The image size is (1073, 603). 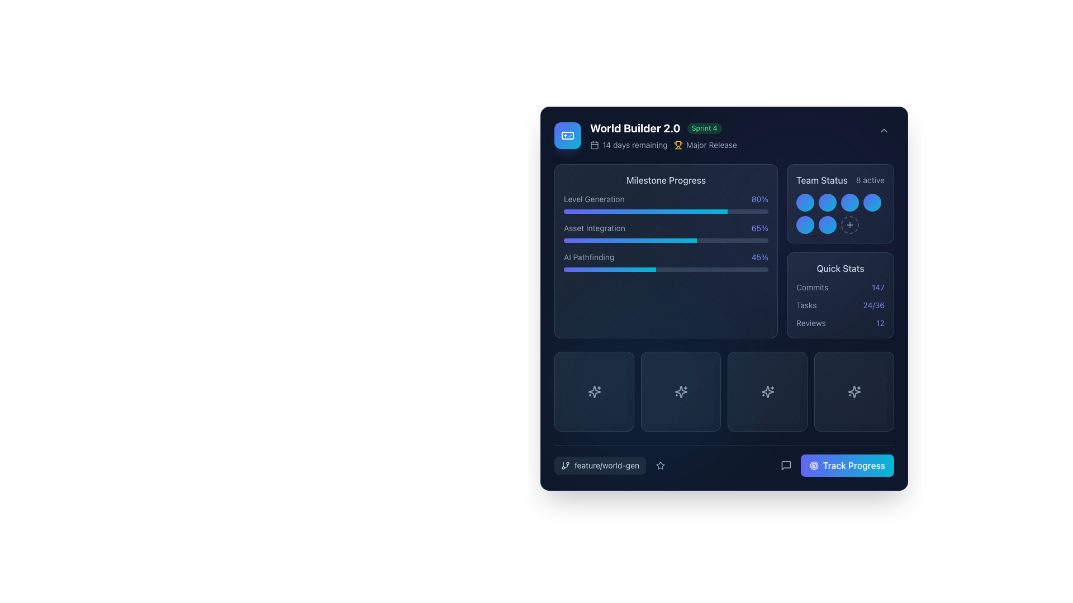 I want to click on progress, so click(x=577, y=211).